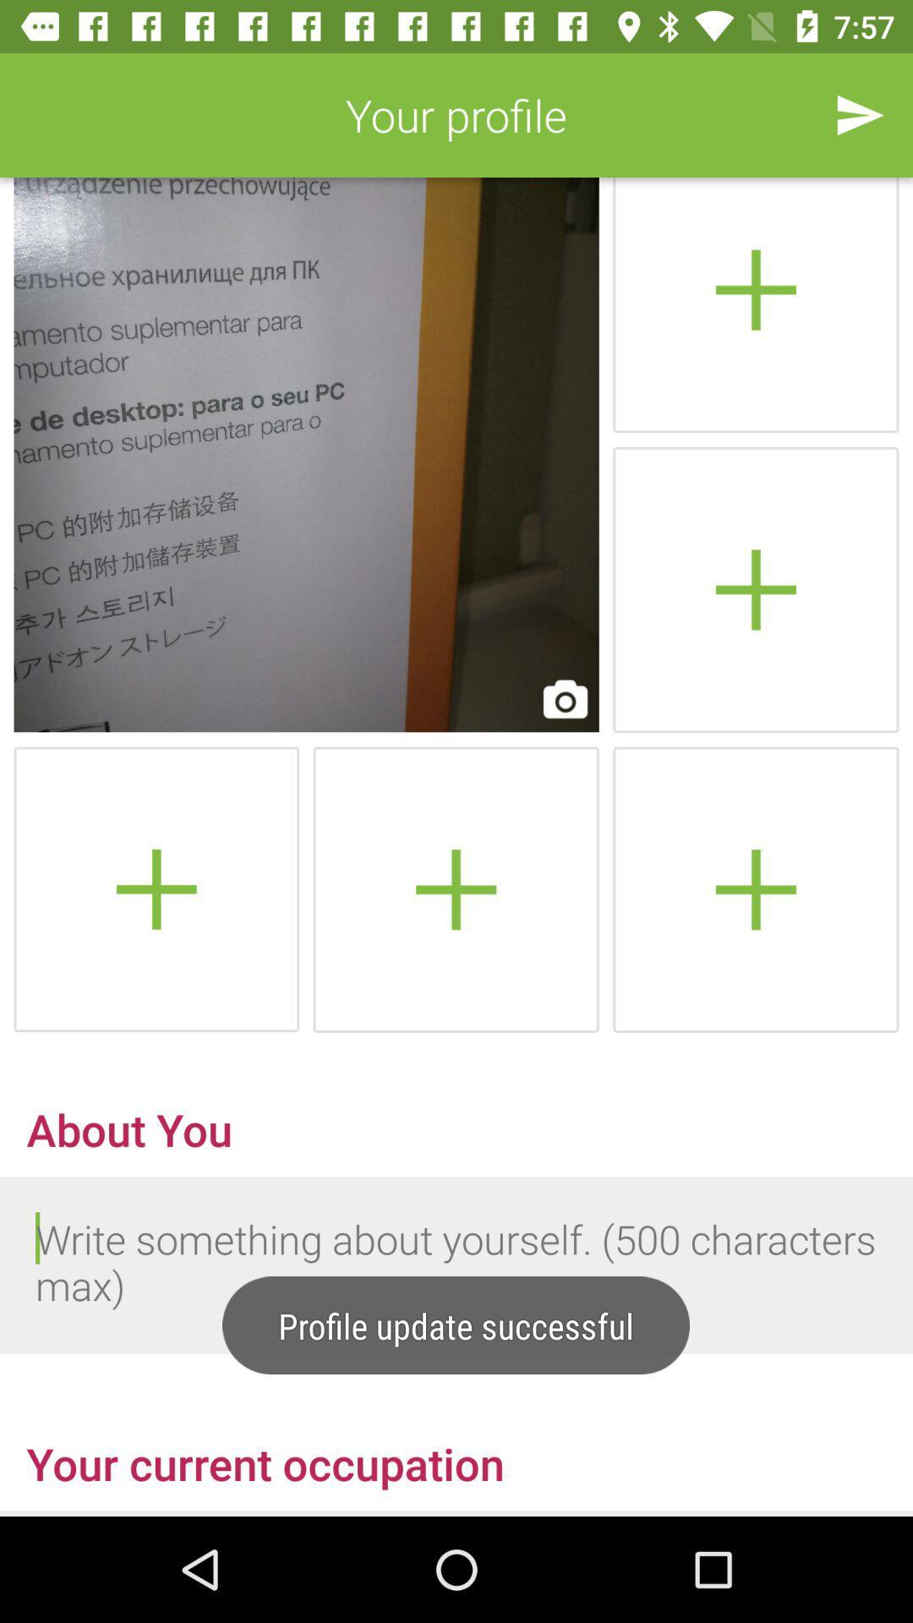  I want to click on new, so click(755, 589).